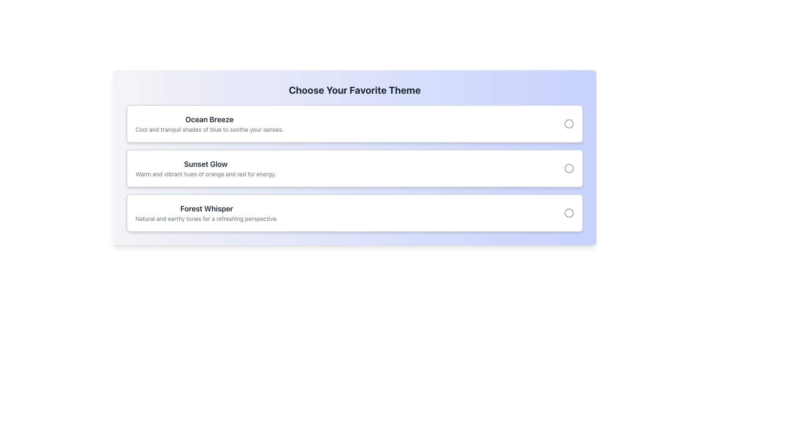  What do you see at coordinates (568, 213) in the screenshot?
I see `SVG circle indicator positioned to the right of 'Forest Whisper' under the 'Choose Your Favorite Theme' section` at bounding box center [568, 213].